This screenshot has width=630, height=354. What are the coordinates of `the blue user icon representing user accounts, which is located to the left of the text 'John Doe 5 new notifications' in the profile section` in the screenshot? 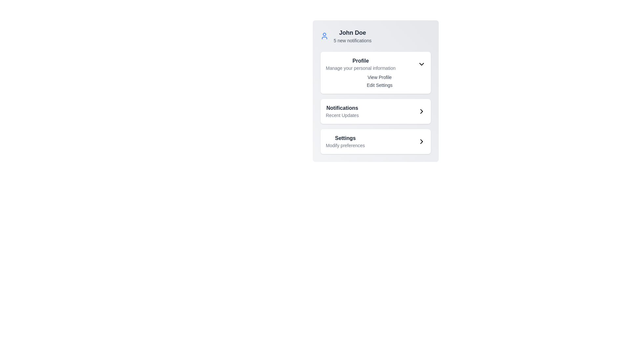 It's located at (324, 36).